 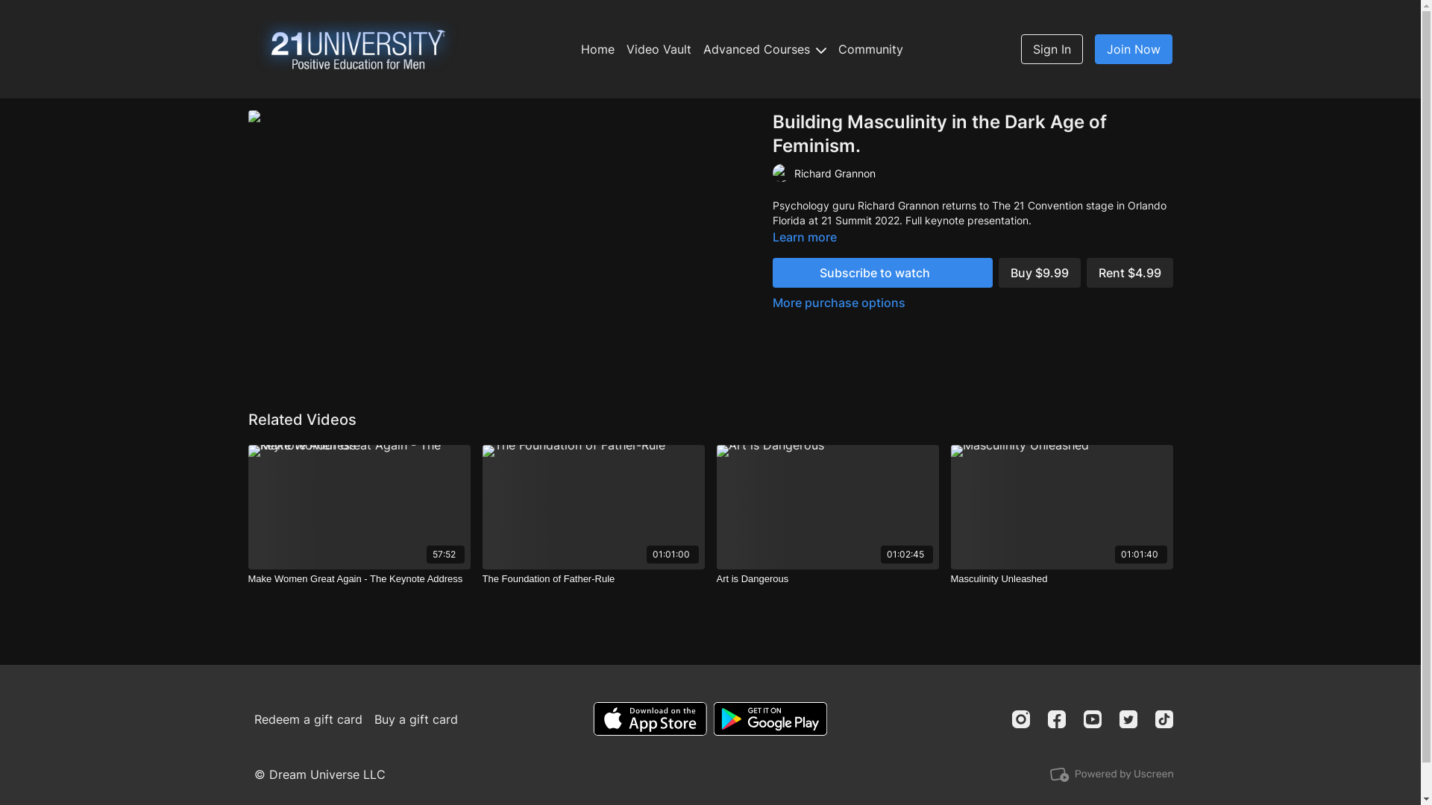 I want to click on 'Advanced Courses', so click(x=764, y=48).